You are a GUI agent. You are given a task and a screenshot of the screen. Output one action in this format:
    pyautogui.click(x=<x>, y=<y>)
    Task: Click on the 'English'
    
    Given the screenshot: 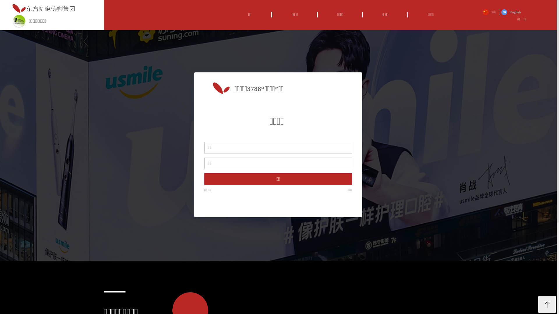 What is the action you would take?
    pyautogui.click(x=511, y=12)
    